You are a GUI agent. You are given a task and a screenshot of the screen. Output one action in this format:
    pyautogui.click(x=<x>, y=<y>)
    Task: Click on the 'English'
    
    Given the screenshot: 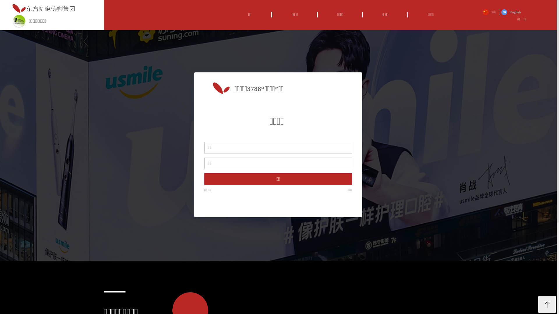 What is the action you would take?
    pyautogui.click(x=511, y=12)
    